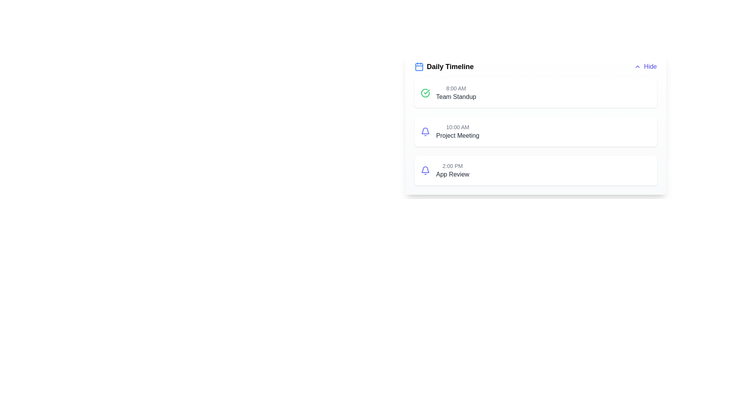  I want to click on text label displaying 'Team Standup' located in the Daily Timeline interface, positioned below '8:00 AM', so click(456, 97).